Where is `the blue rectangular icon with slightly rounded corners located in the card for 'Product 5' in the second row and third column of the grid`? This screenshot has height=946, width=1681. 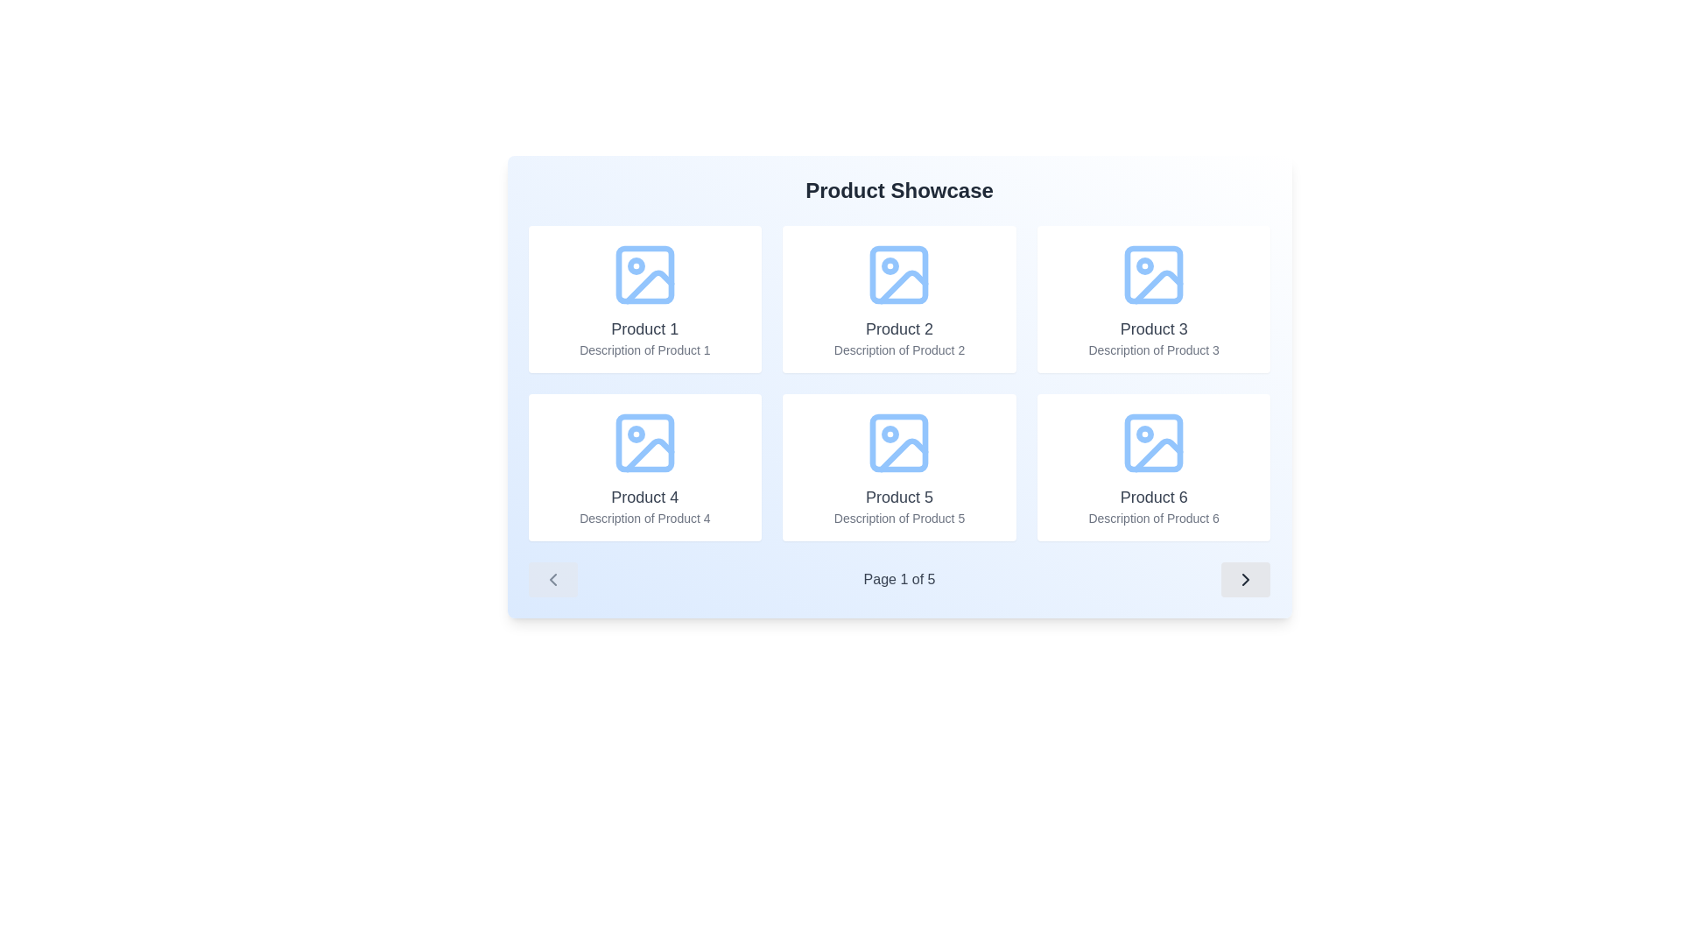 the blue rectangular icon with slightly rounded corners located in the card for 'Product 5' in the second row and third column of the grid is located at coordinates (899, 441).